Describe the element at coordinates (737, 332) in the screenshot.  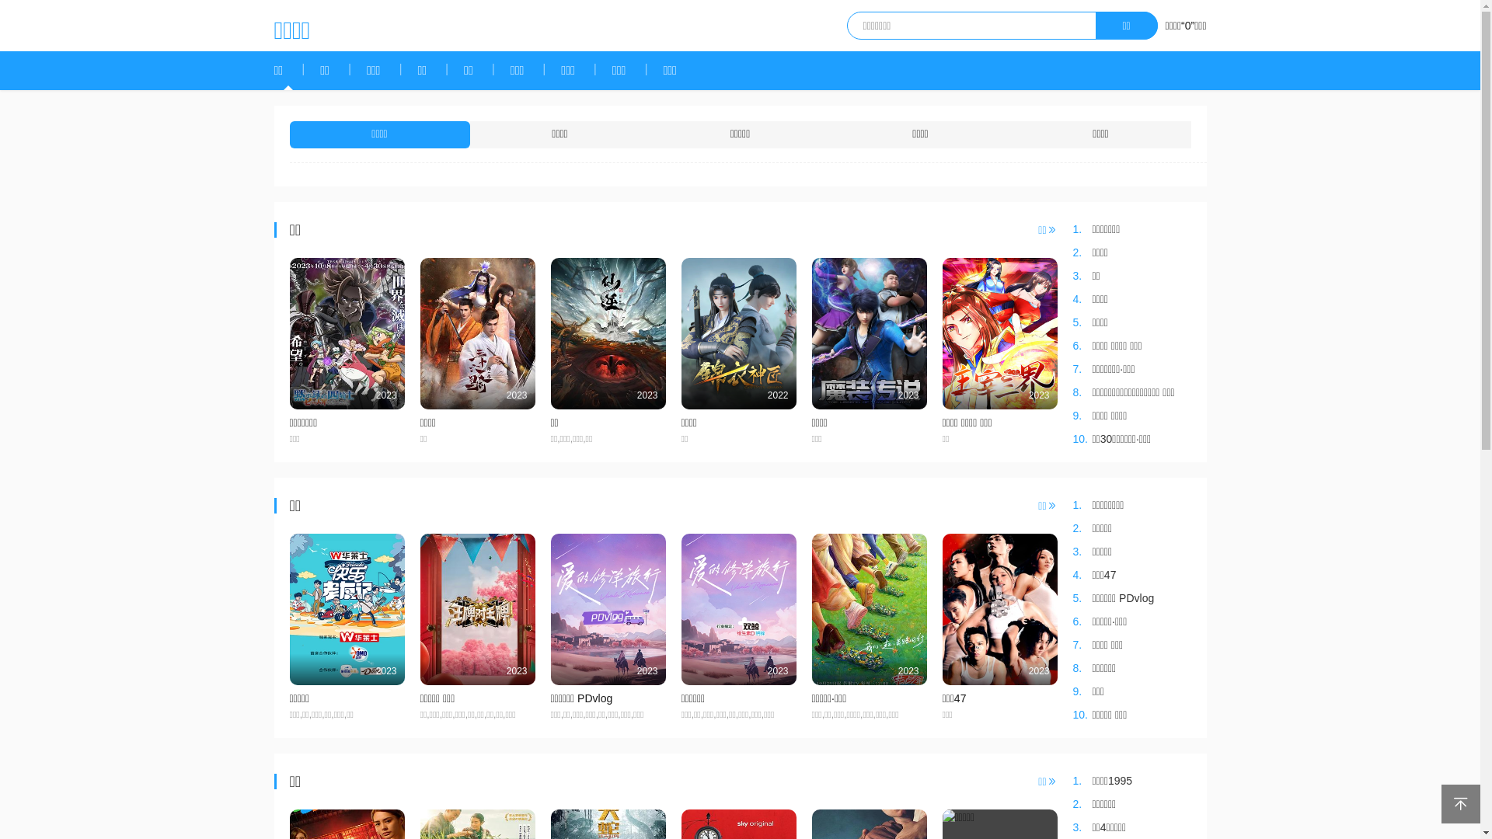
I see `'2022'` at that location.